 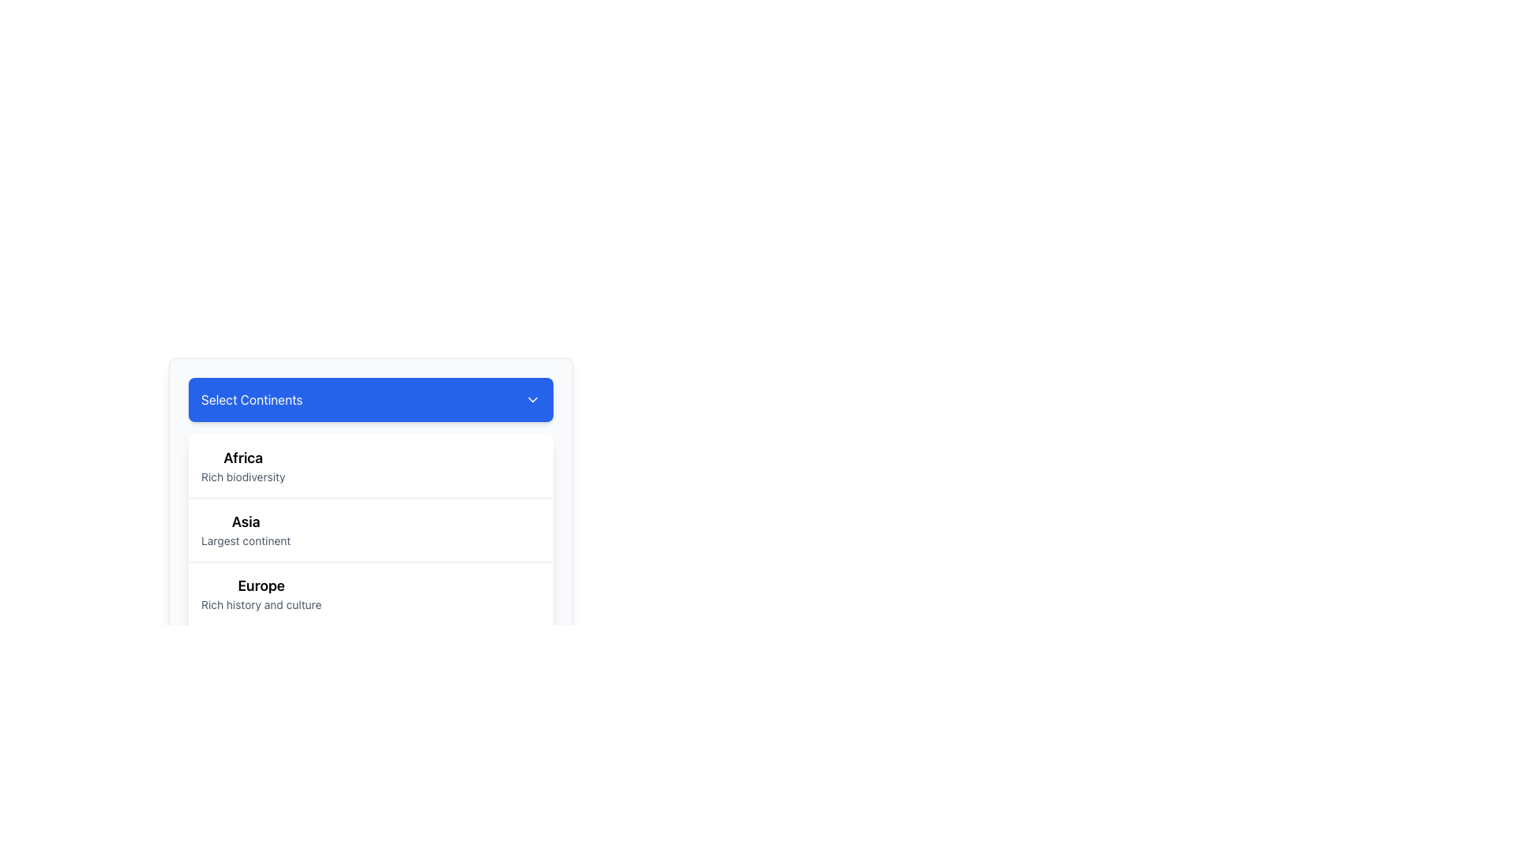 What do you see at coordinates (261, 593) in the screenshot?
I see `the 'Europe' entry in the dropdown selection list` at bounding box center [261, 593].